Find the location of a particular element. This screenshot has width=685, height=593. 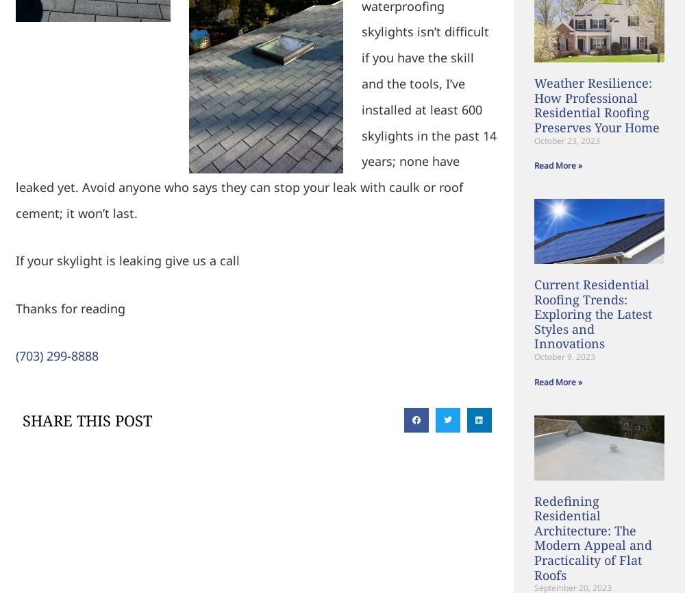

'If your skylight is leaking give us a call' is located at coordinates (15, 260).